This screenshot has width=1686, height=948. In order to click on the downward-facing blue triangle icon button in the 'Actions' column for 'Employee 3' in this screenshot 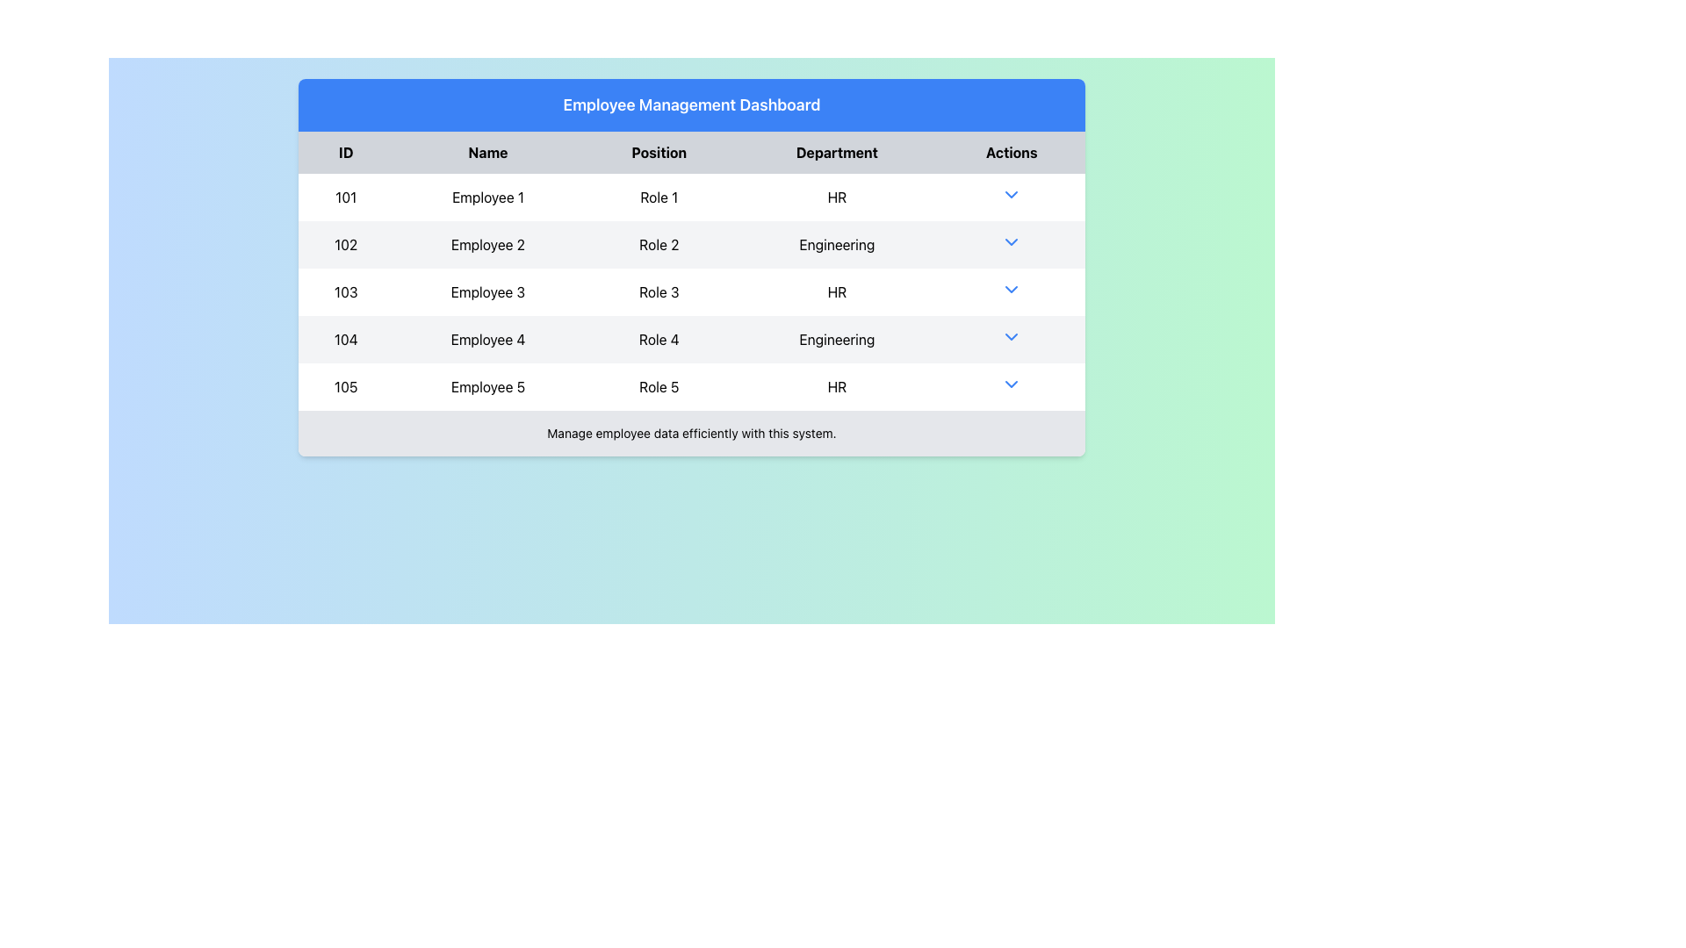, I will do `click(1012, 289)`.